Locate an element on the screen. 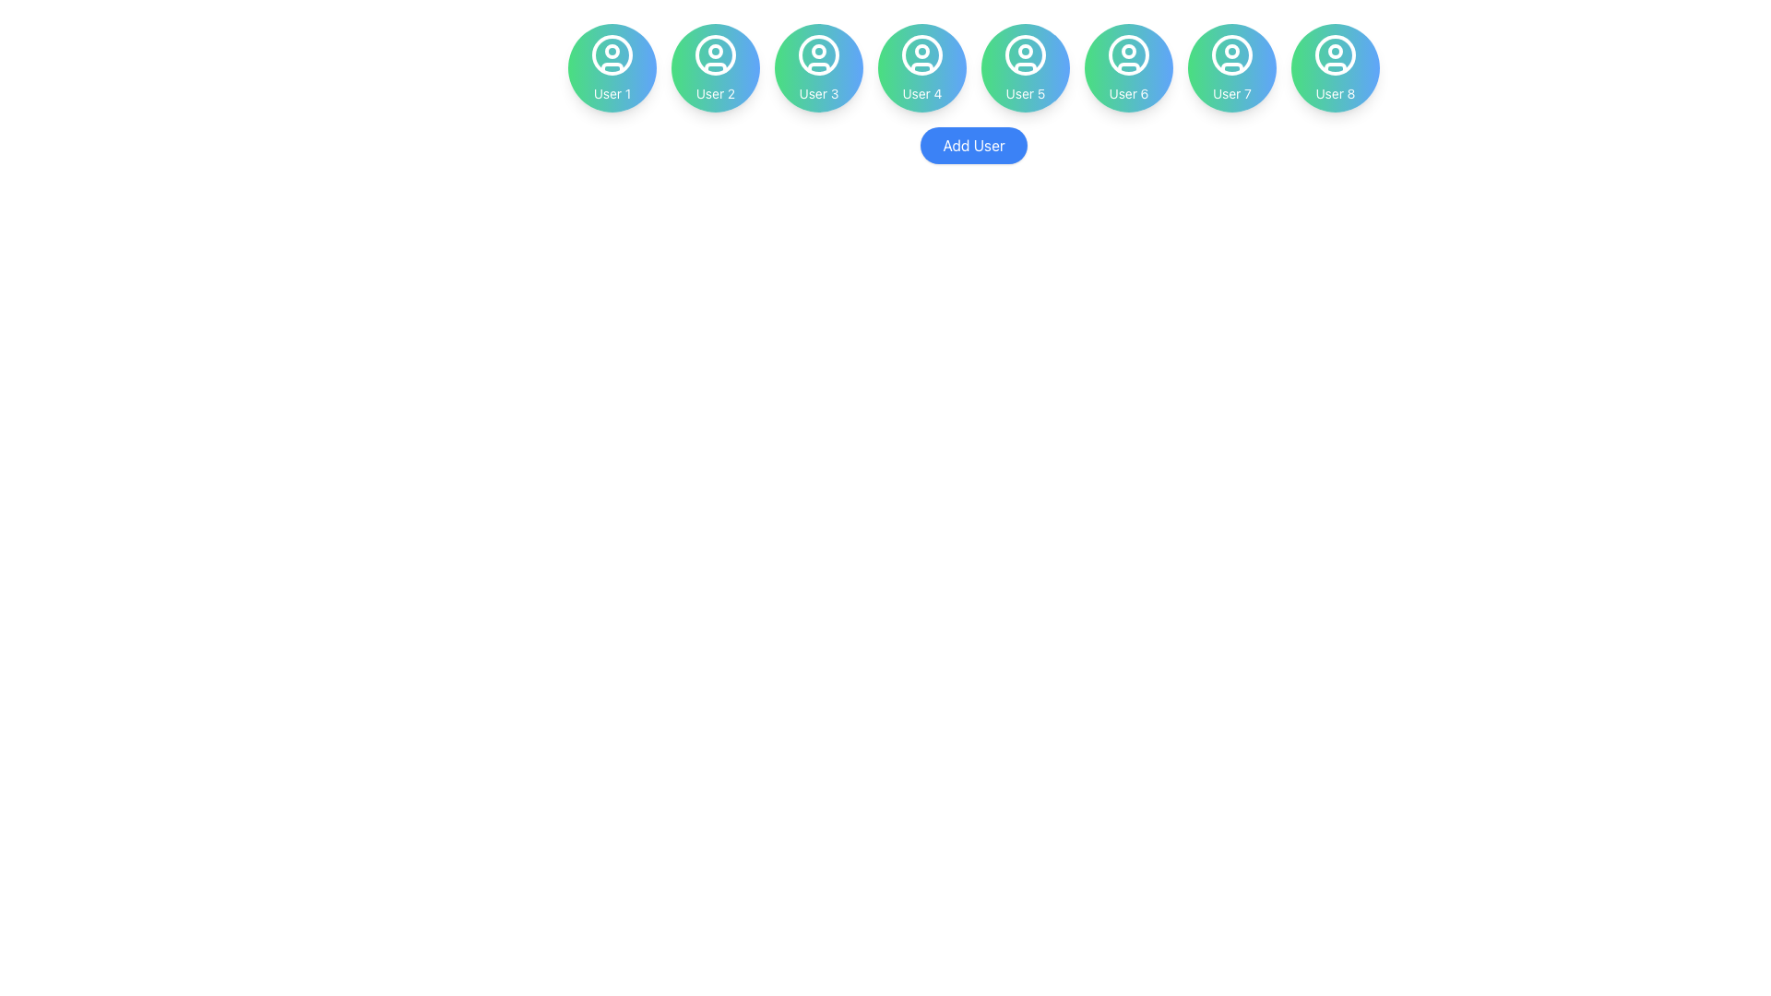  the text label that identifies 'User 8', located at the bottom of the circular background representing the user profile is located at coordinates (1336, 93).